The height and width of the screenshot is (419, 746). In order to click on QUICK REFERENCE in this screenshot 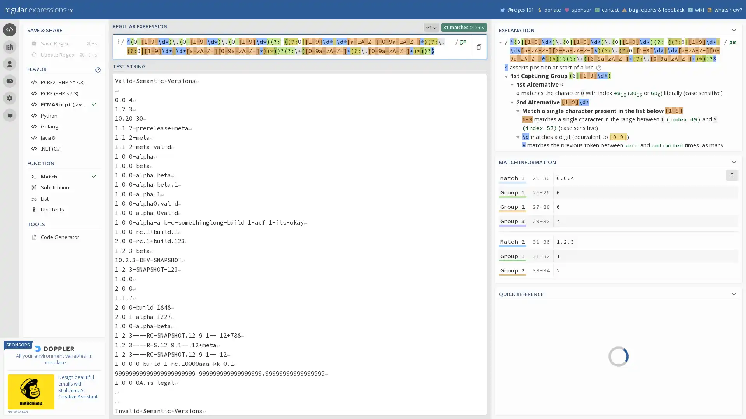, I will do `click(618, 293)`.